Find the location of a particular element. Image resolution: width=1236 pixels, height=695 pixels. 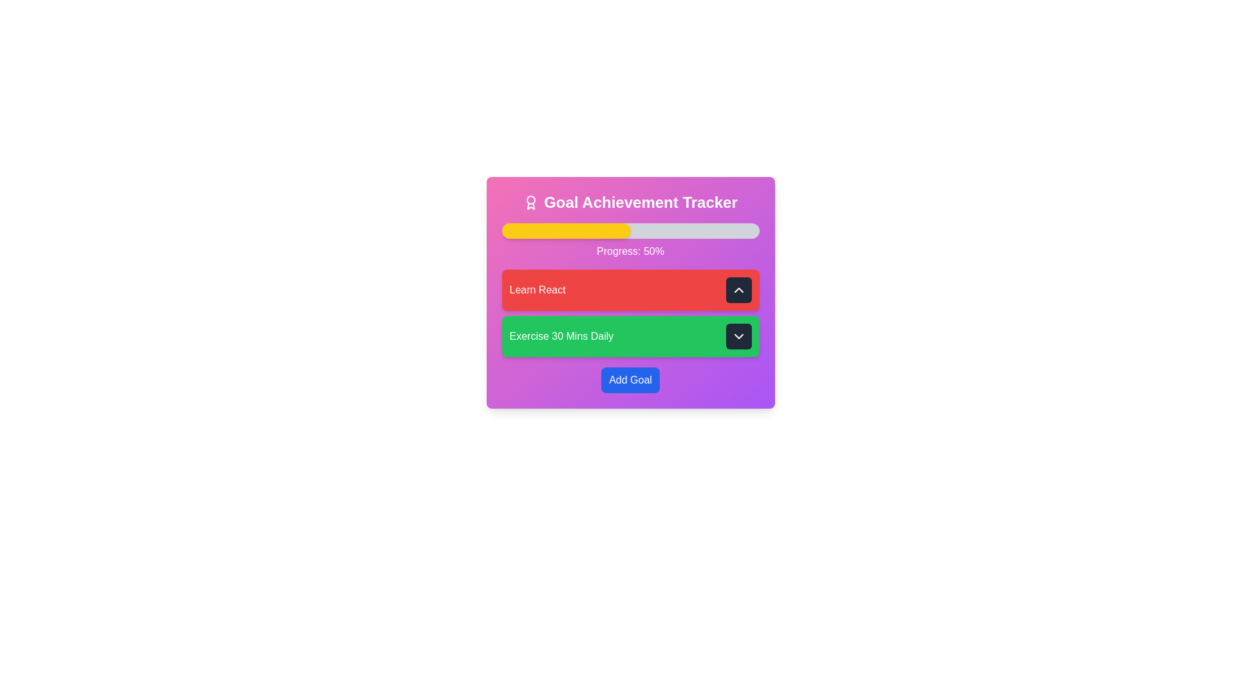

the chevron icon in the upper toggle button of the 'Learn React' card is located at coordinates (738, 290).